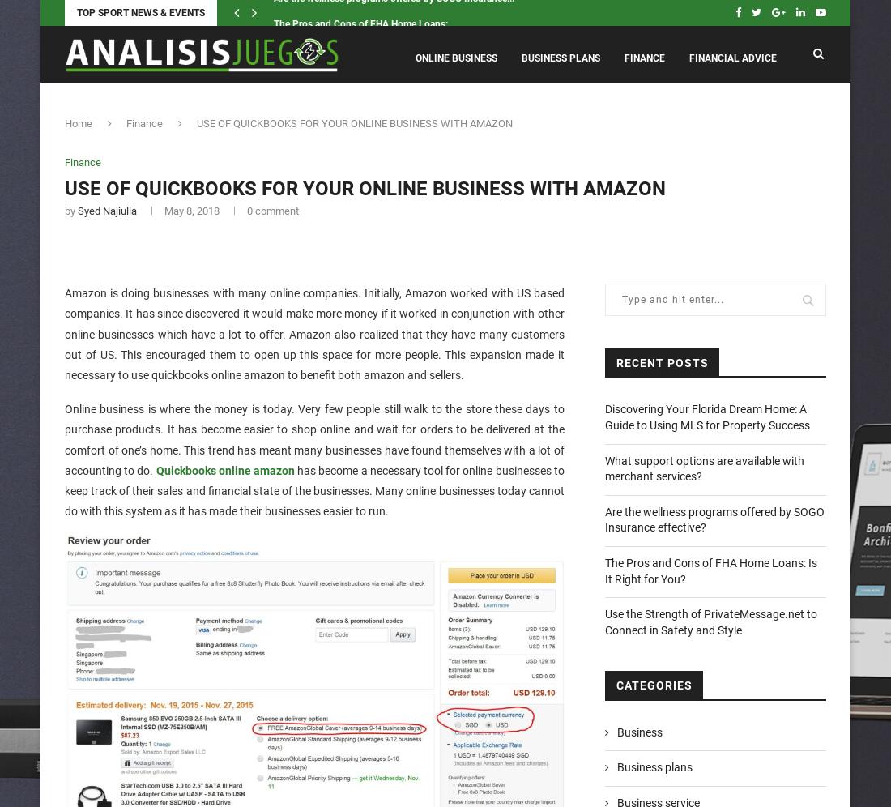 The width and height of the screenshot is (891, 807). What do you see at coordinates (71, 211) in the screenshot?
I see `'by'` at bounding box center [71, 211].